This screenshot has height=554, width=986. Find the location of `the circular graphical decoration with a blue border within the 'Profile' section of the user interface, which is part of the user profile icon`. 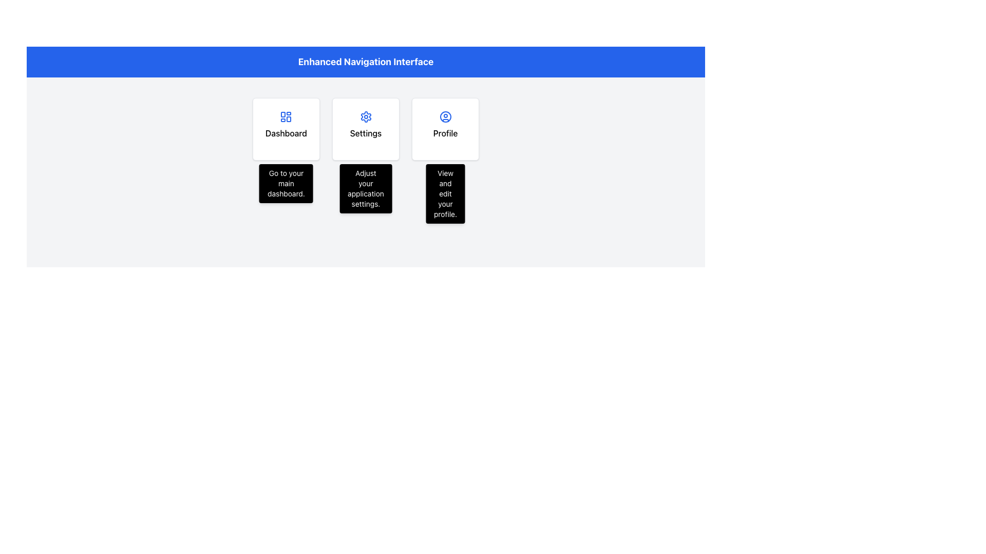

the circular graphical decoration with a blue border within the 'Profile' section of the user interface, which is part of the user profile icon is located at coordinates (445, 116).